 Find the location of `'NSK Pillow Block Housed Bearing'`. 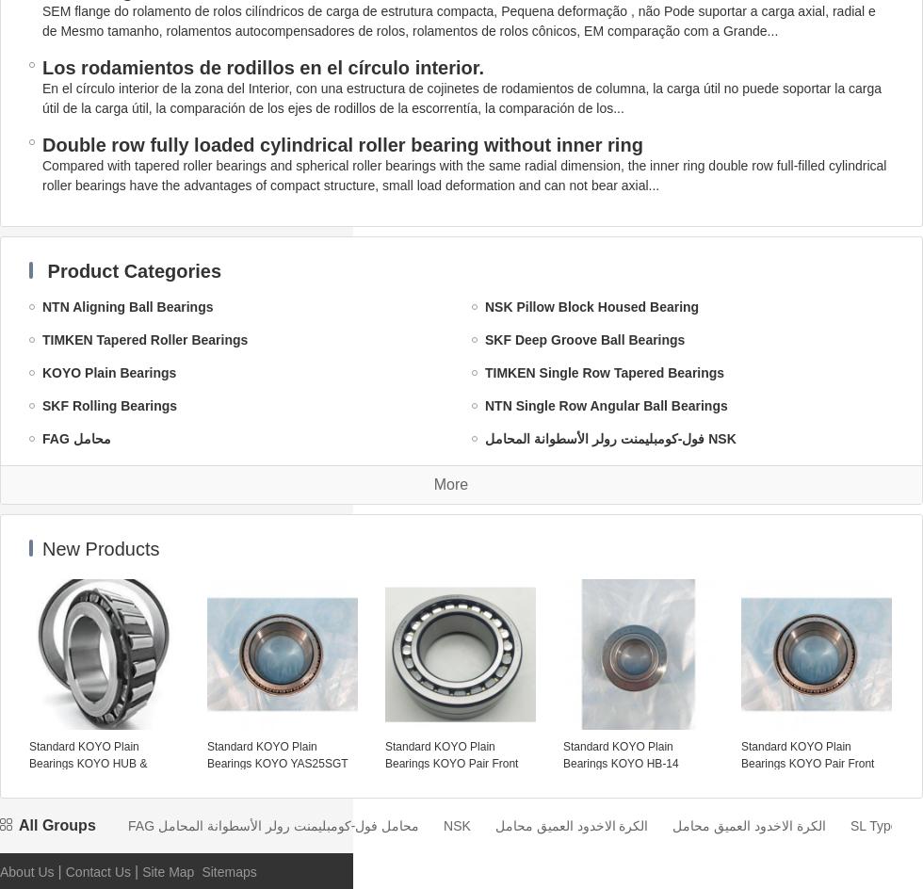

'NSK Pillow Block Housed Bearing' is located at coordinates (484, 305).